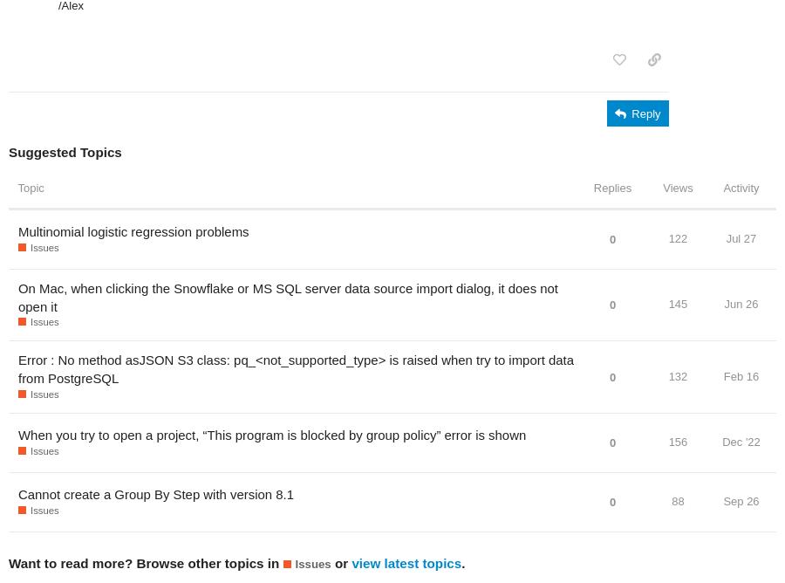 The width and height of the screenshot is (785, 583). What do you see at coordinates (725, 237) in the screenshot?
I see `'Jul 27'` at bounding box center [725, 237].